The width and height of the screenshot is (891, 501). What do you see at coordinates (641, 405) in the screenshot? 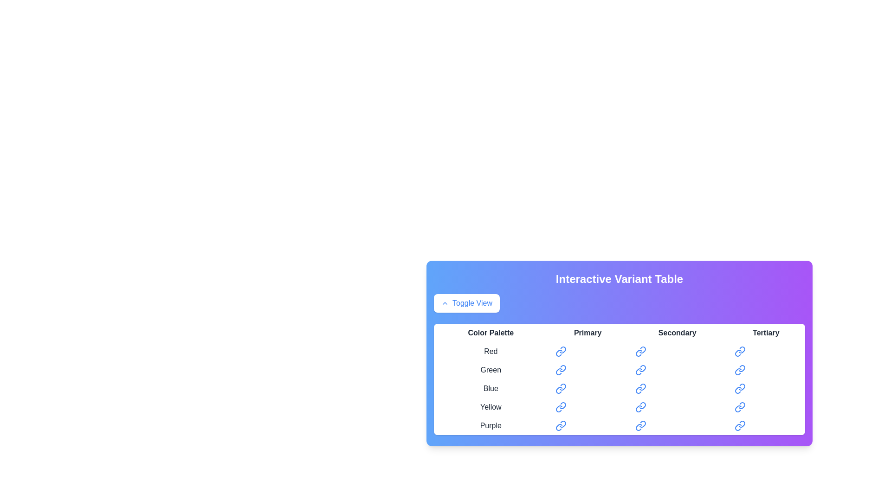
I see `the link icon located in the 'Secondary' column and 'Yellow' row of the 'Interactive Variant Table'` at bounding box center [641, 405].